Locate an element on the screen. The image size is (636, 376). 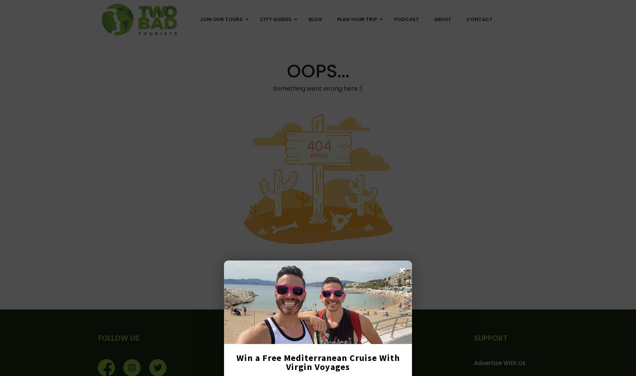
'Gay Tours' is located at coordinates (337, 113).